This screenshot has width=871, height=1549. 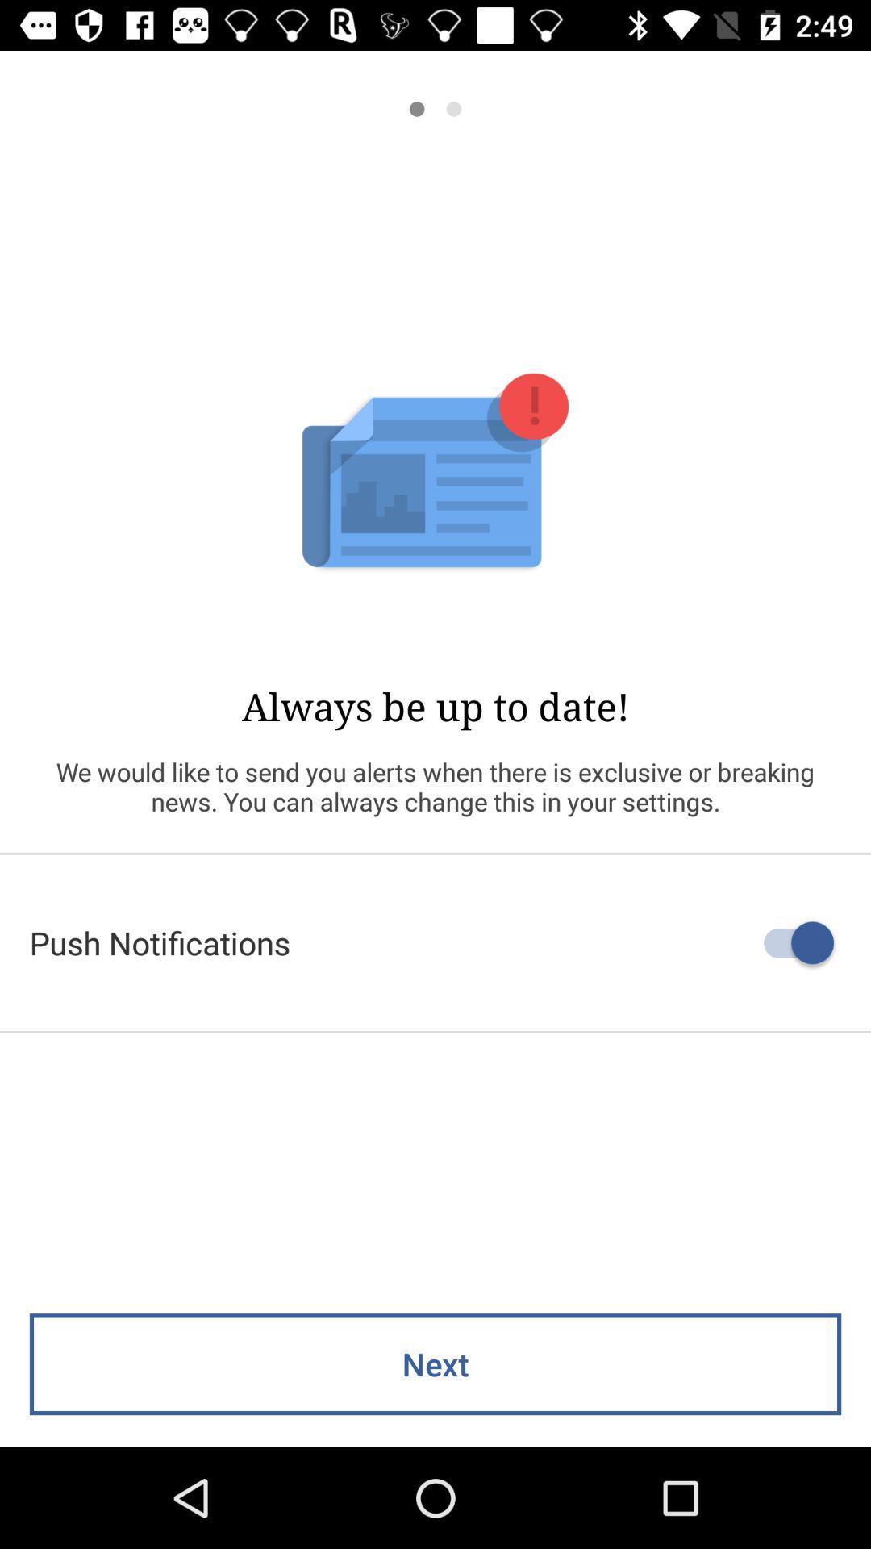 I want to click on push notifications icon, so click(x=435, y=942).